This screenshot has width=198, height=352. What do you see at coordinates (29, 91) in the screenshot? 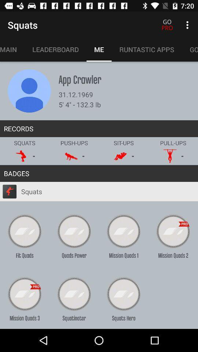
I see `user picture` at bounding box center [29, 91].